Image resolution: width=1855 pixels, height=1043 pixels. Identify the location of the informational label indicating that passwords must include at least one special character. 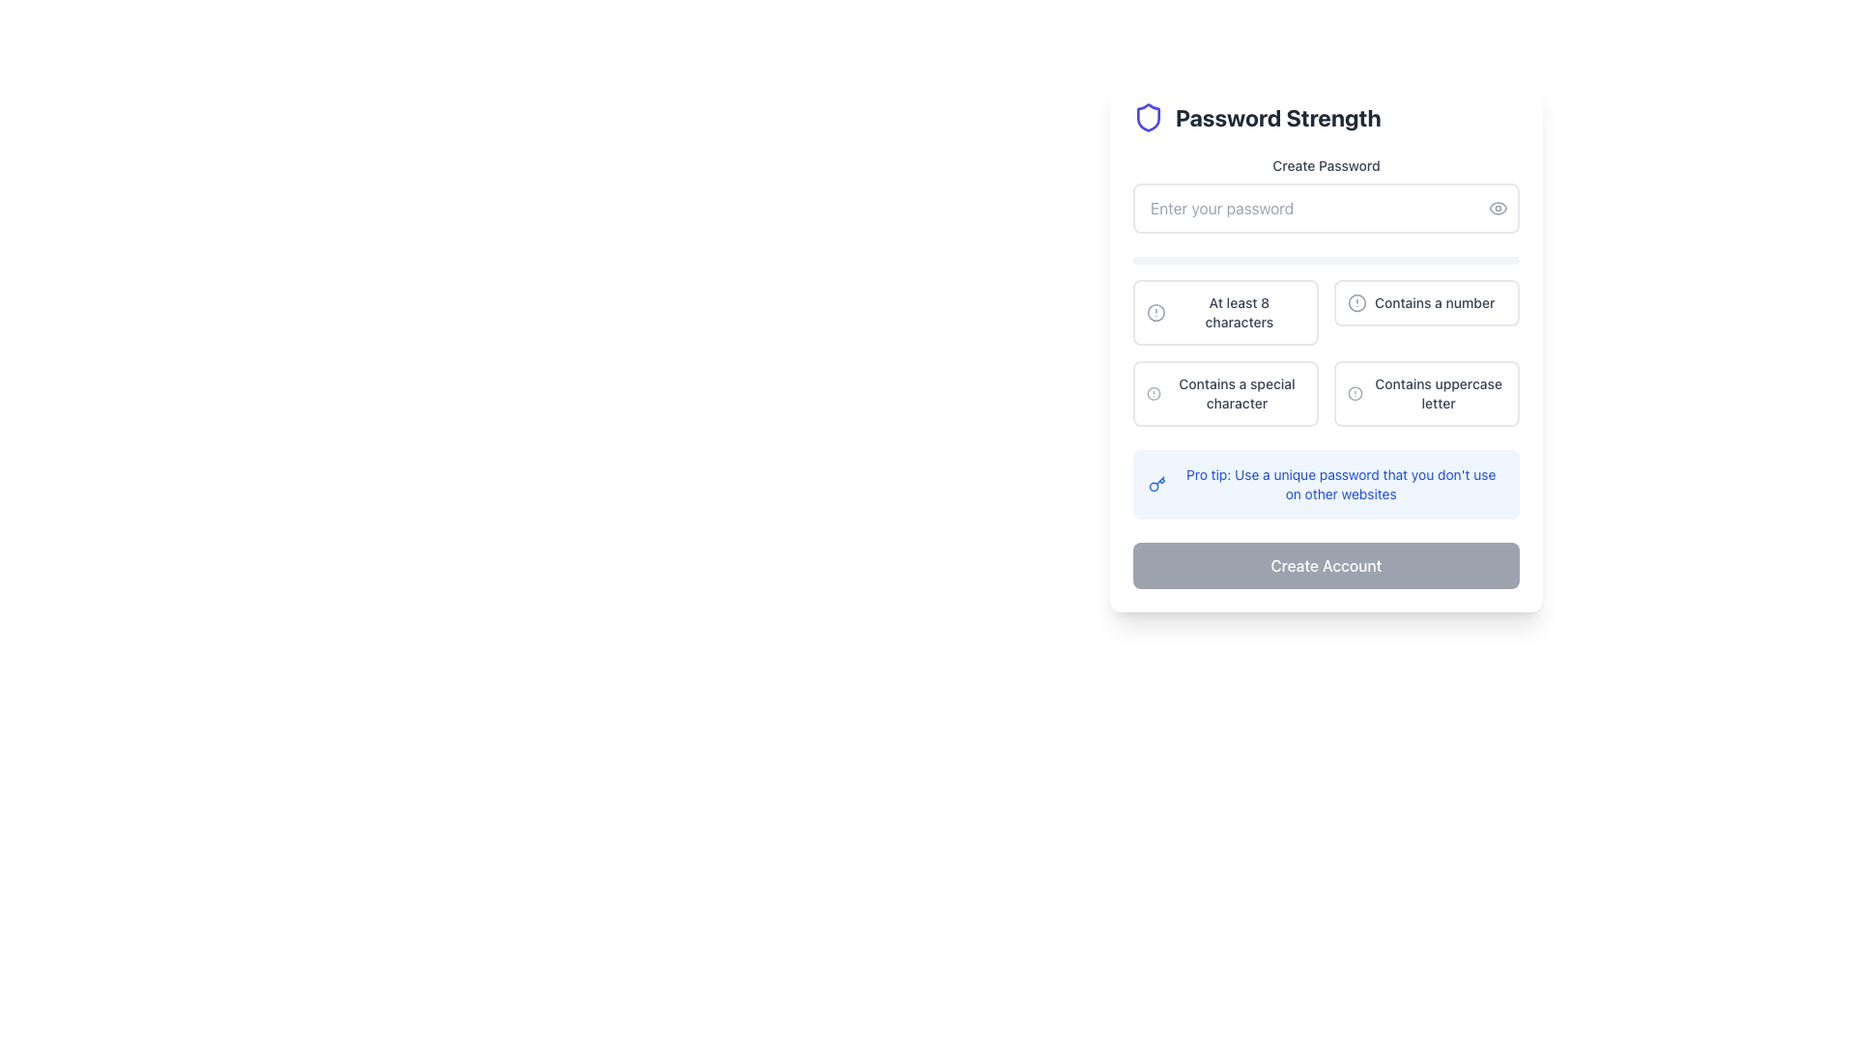
(1224, 393).